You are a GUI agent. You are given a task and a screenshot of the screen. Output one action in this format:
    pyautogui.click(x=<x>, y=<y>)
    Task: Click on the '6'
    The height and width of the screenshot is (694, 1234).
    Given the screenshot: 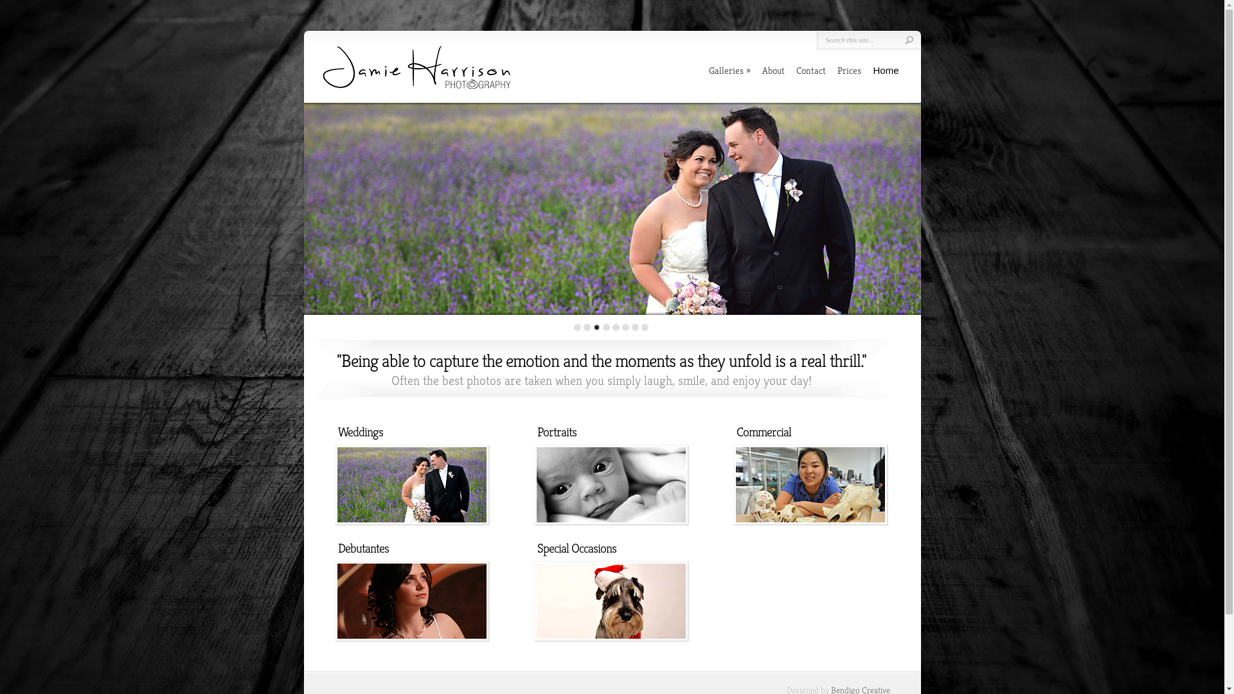 What is the action you would take?
    pyautogui.click(x=625, y=326)
    